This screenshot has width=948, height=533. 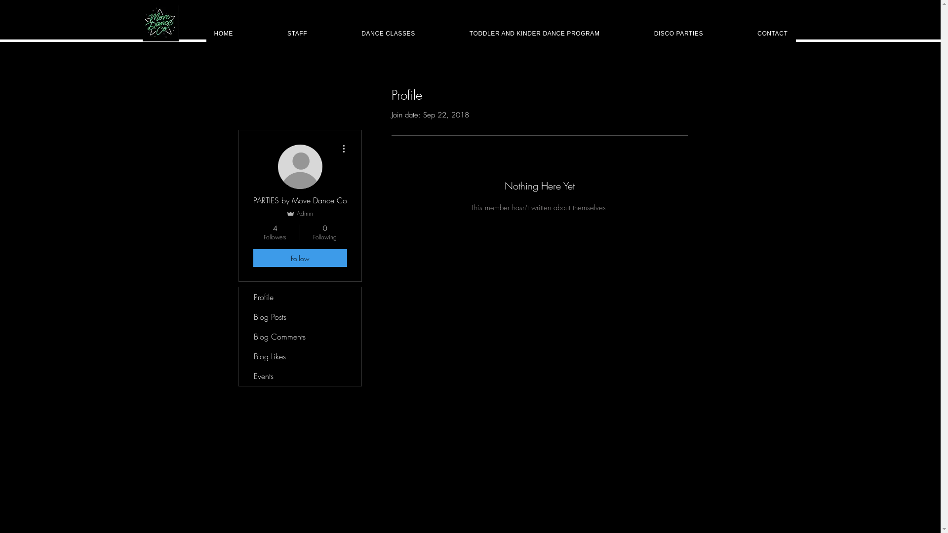 I want to click on 'Follow', so click(x=299, y=258).